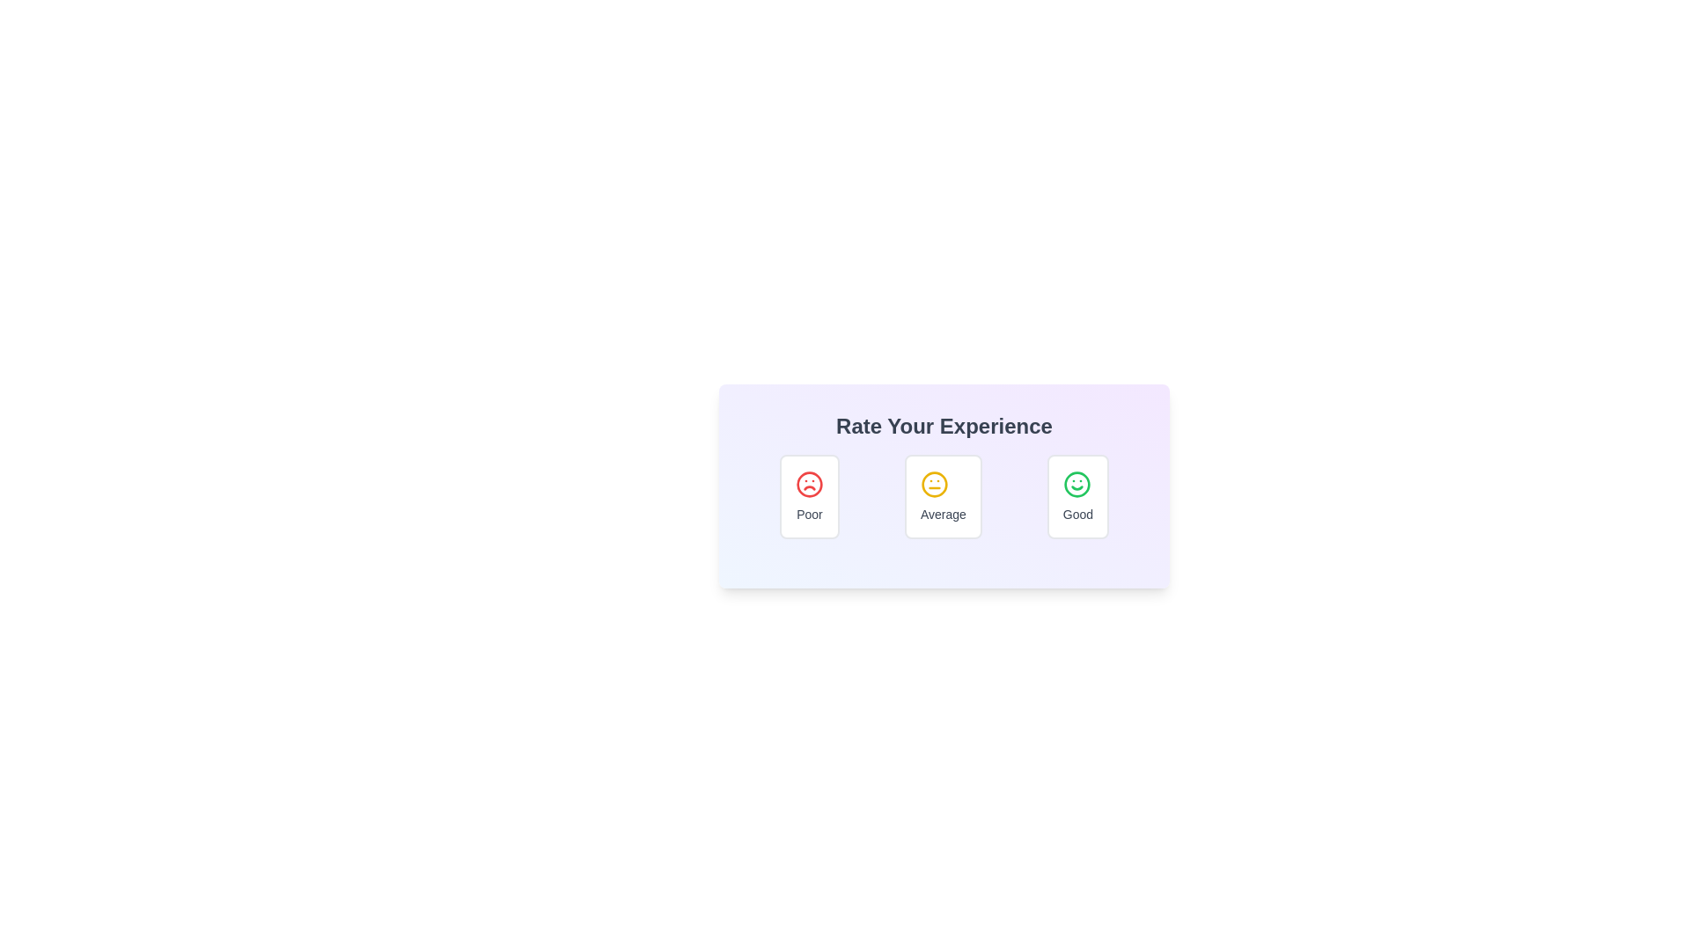 The width and height of the screenshot is (1690, 950). Describe the element at coordinates (1076, 485) in the screenshot. I see `the smiley icon representing the 'Good' sentiment option, which is located in the rightmost column of a three-element row within a rating group` at that location.